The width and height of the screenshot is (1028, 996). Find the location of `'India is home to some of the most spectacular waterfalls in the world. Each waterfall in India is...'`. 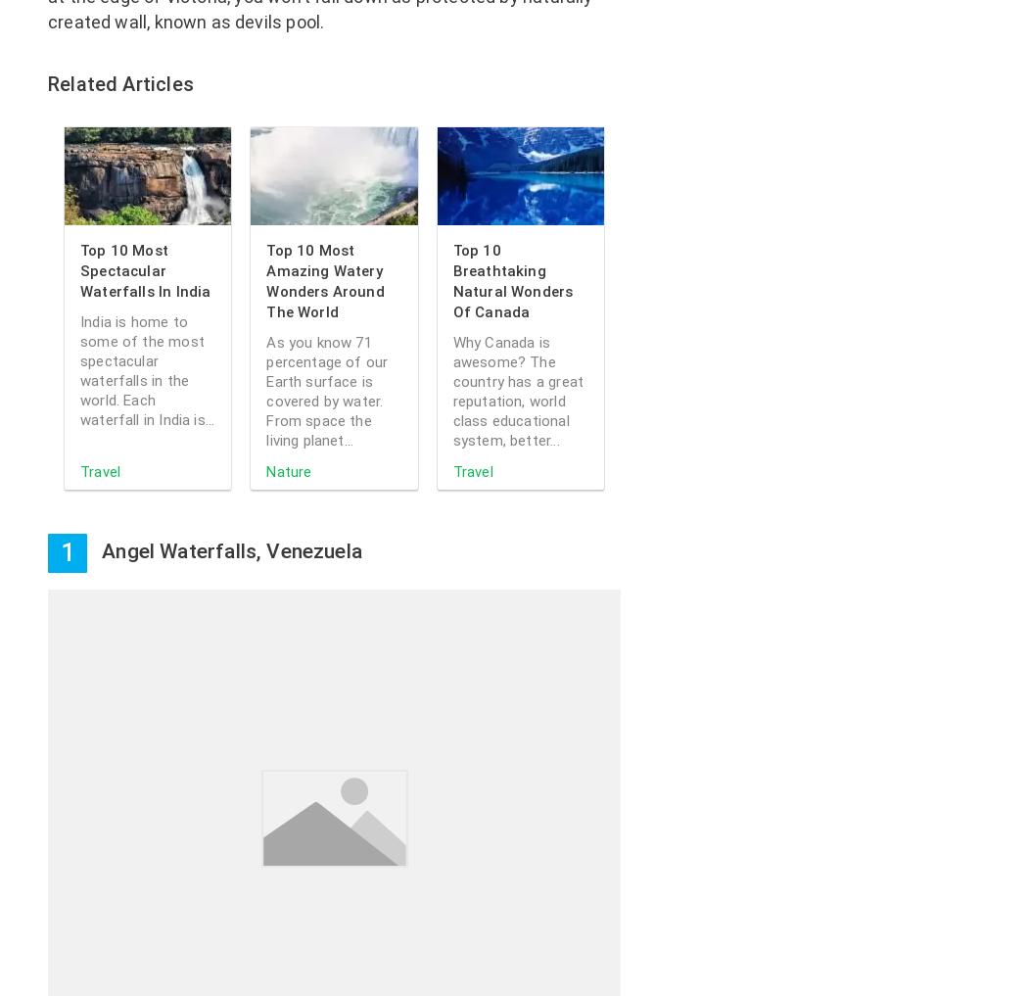

'India is home to some of the most spectacular waterfalls in the world. Each waterfall in India is...' is located at coordinates (147, 370).